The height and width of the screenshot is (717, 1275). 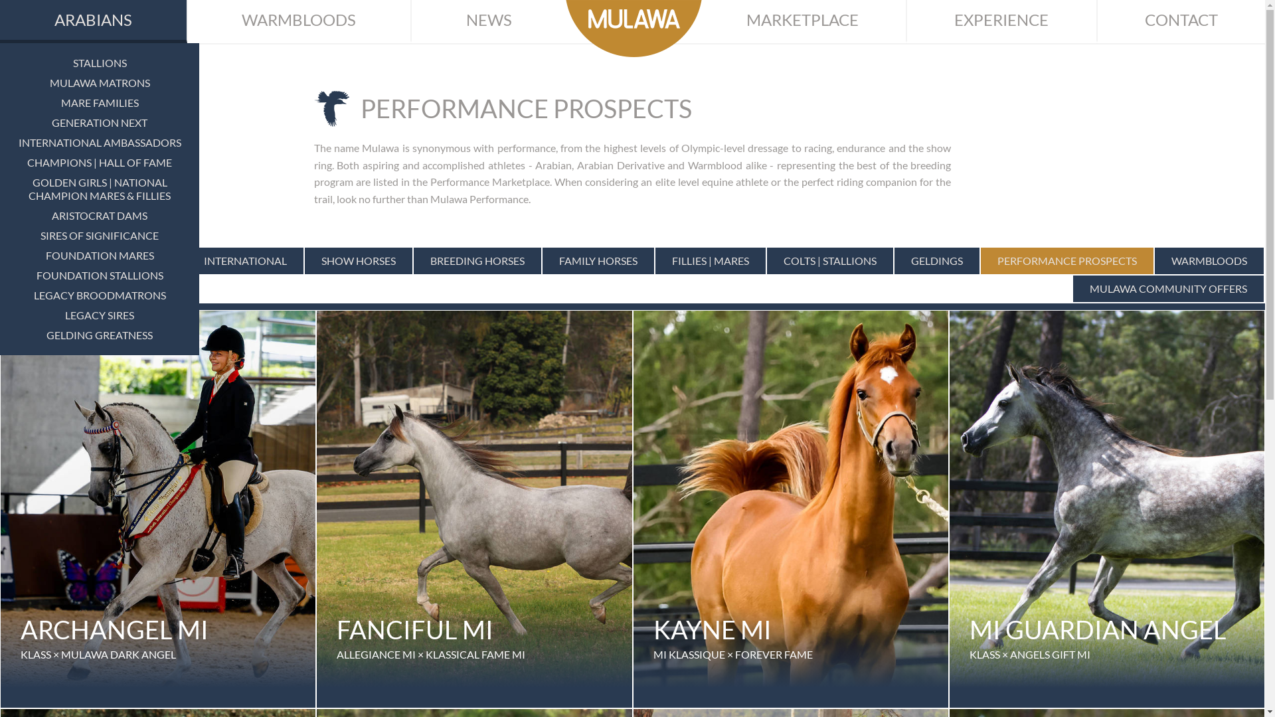 What do you see at coordinates (98, 143) in the screenshot?
I see `'INTERNATIONAL AMBASSADORS'` at bounding box center [98, 143].